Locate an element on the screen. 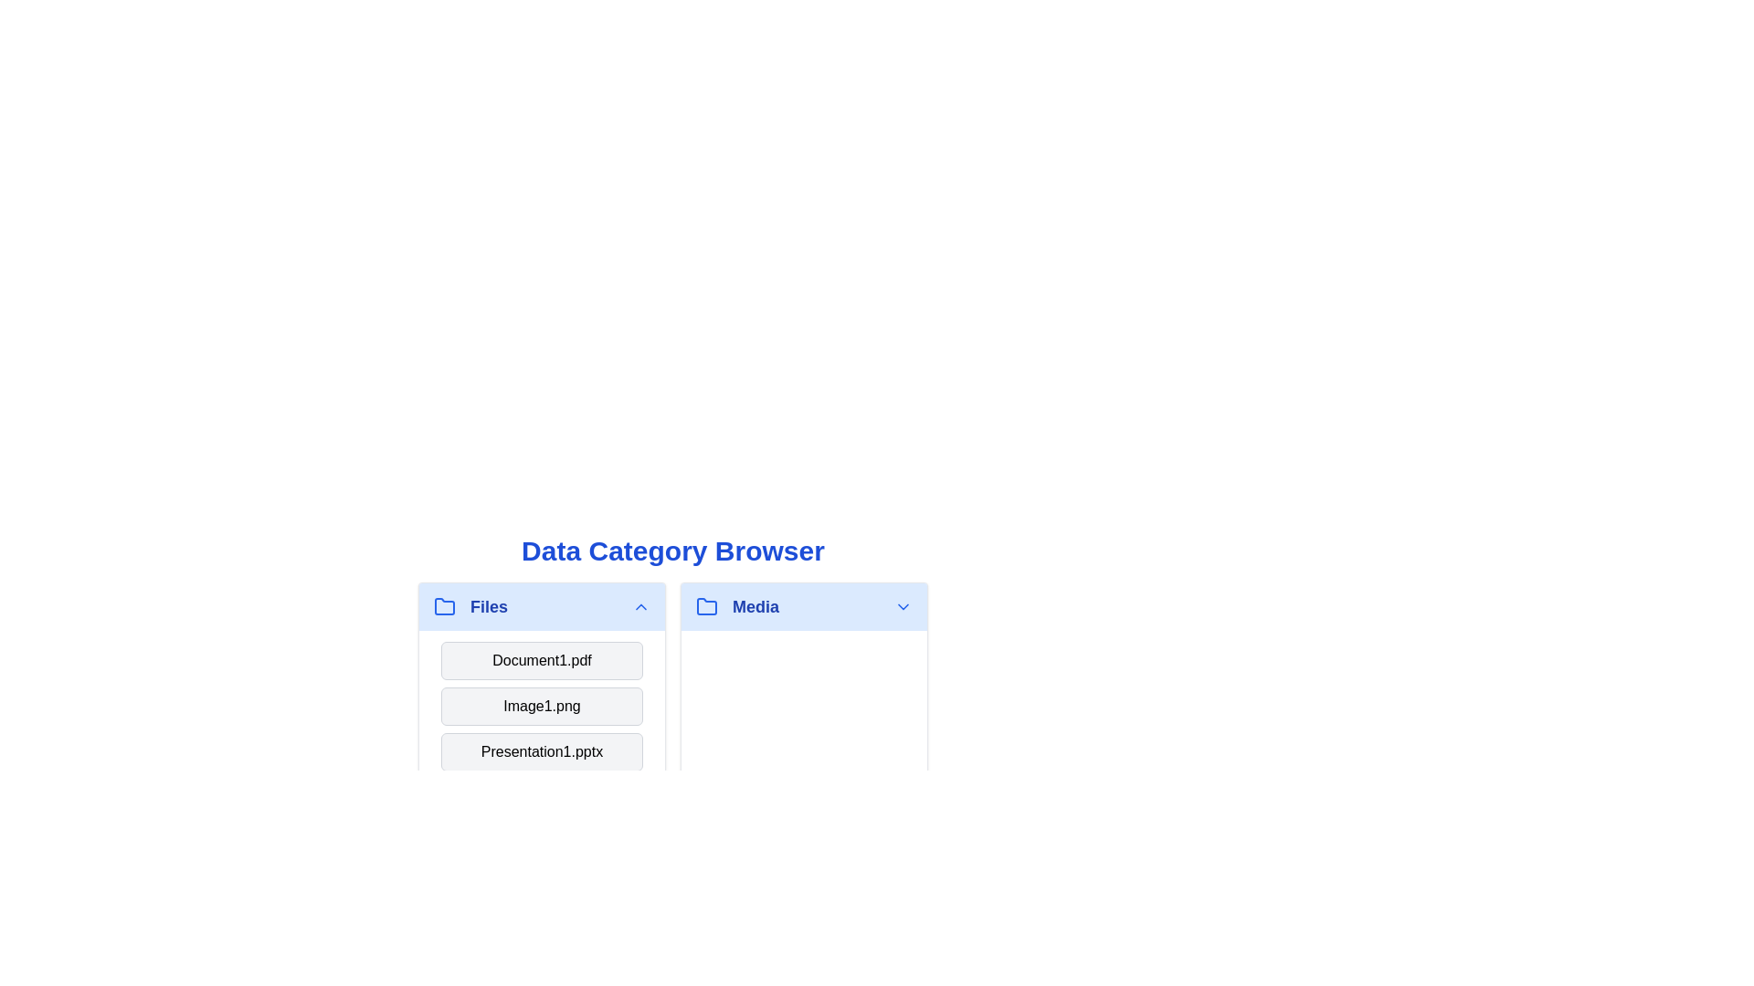 This screenshot has width=1754, height=986. the category header or item Presentation1.pptx is located at coordinates (541, 752).